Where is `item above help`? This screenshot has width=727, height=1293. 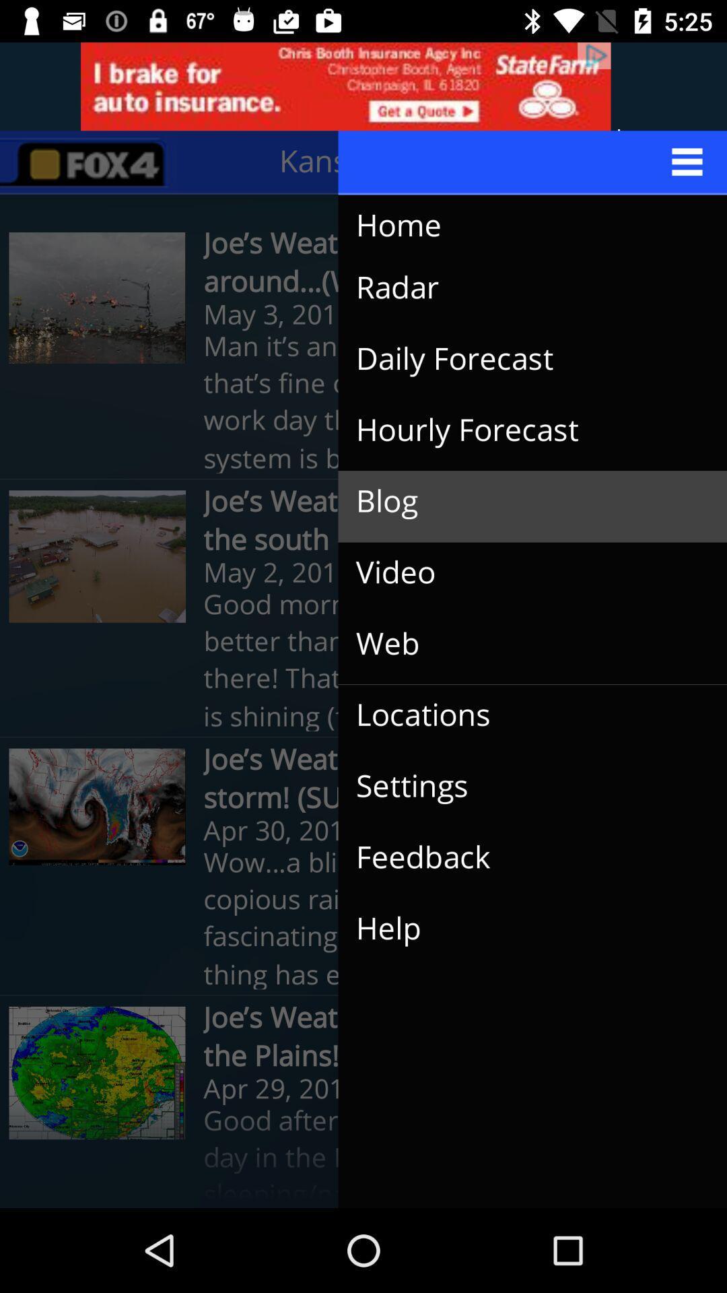
item above help is located at coordinates (521, 857).